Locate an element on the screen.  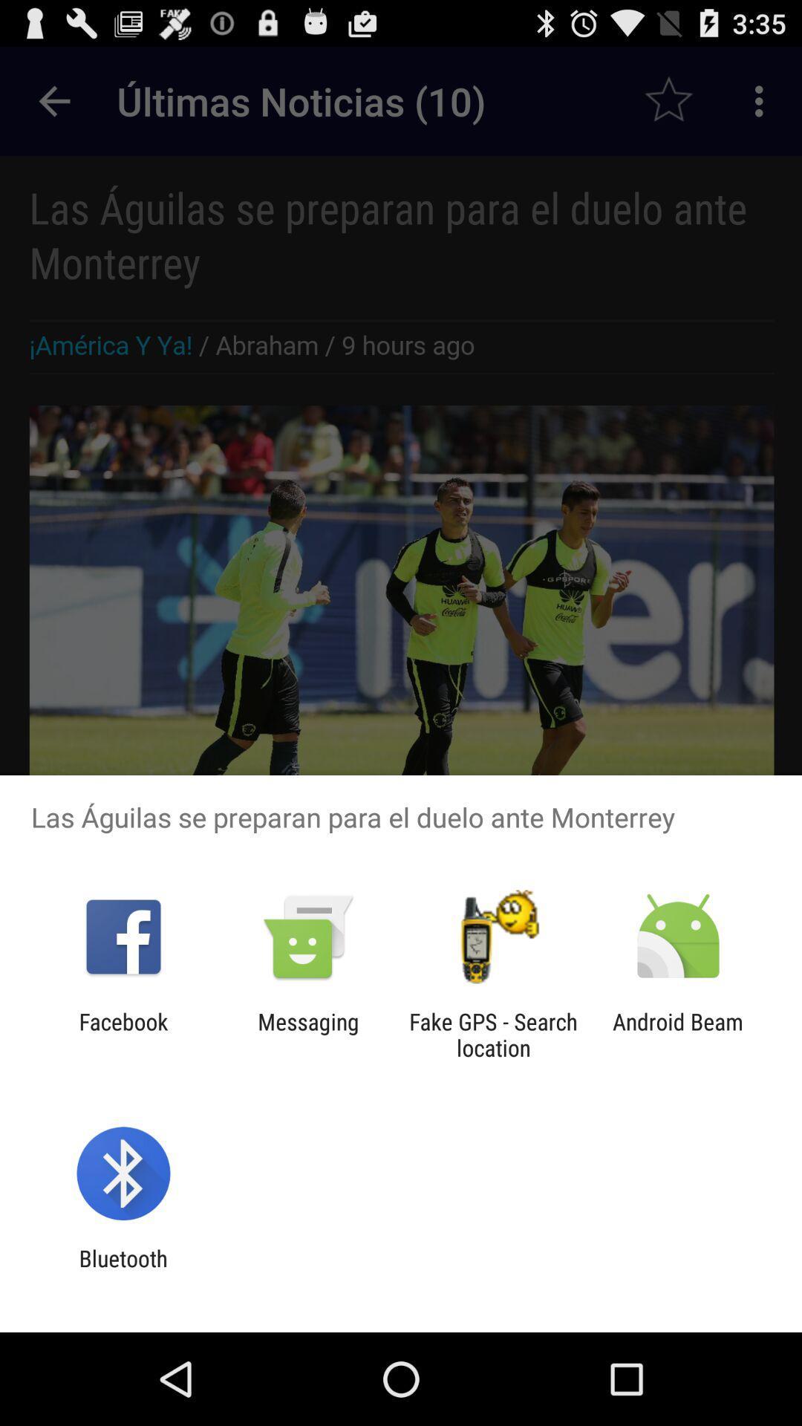
the item to the right of the messaging item is located at coordinates (493, 1034).